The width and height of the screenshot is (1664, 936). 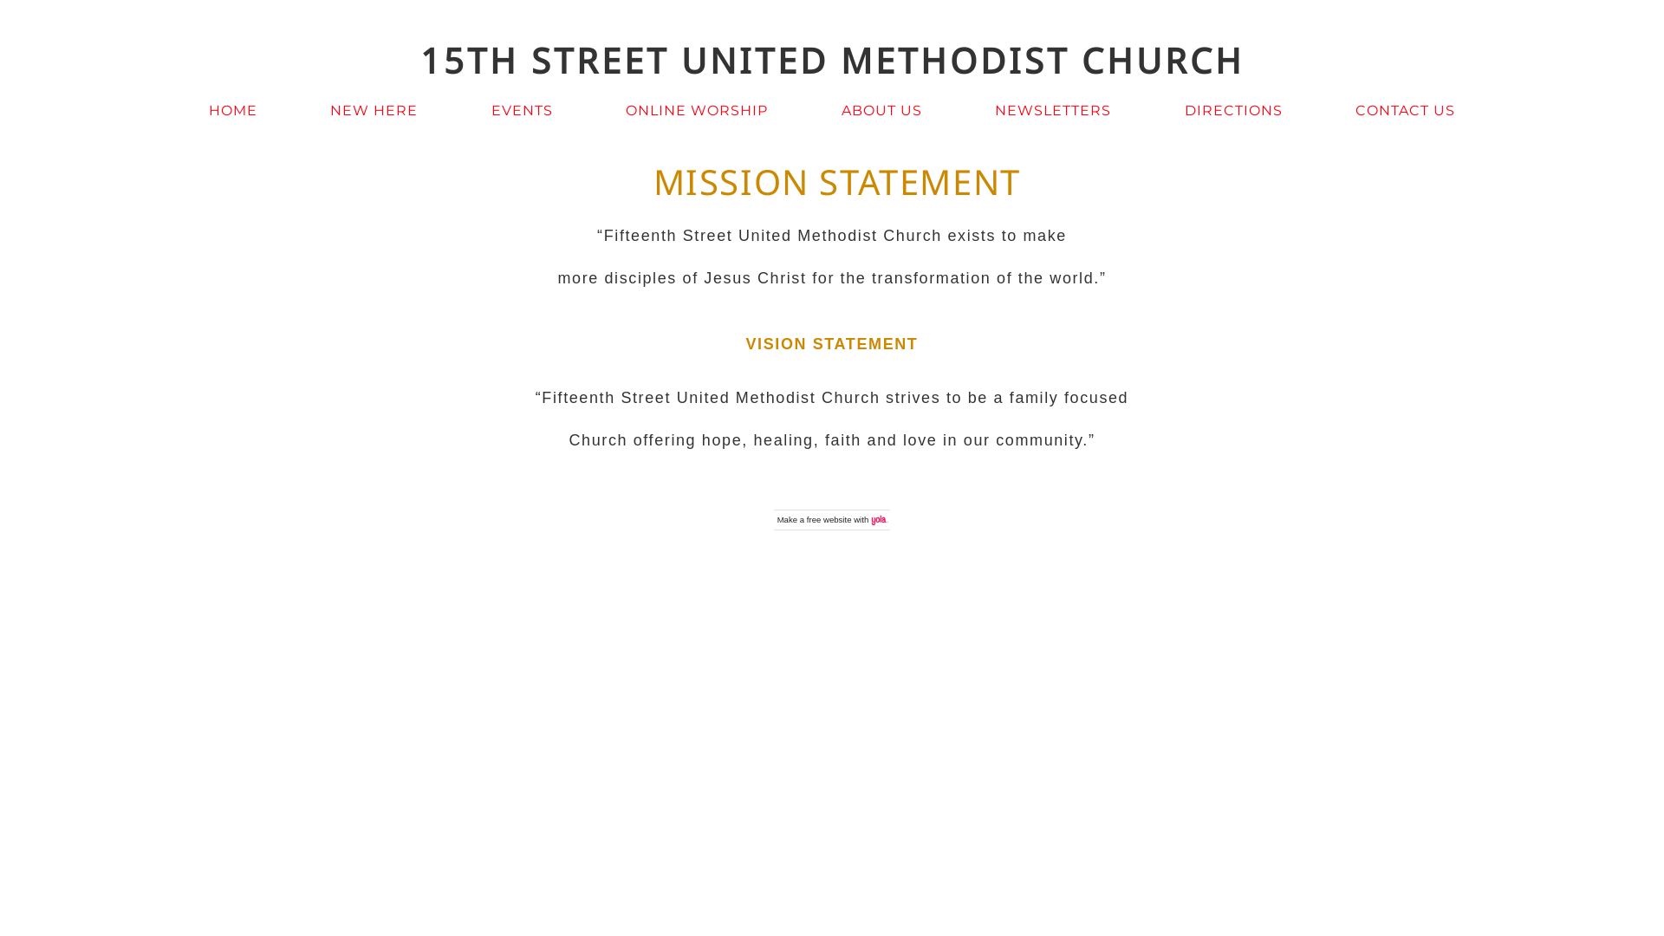 I want to click on 'ONLINE WORSHIP', so click(x=697, y=110).